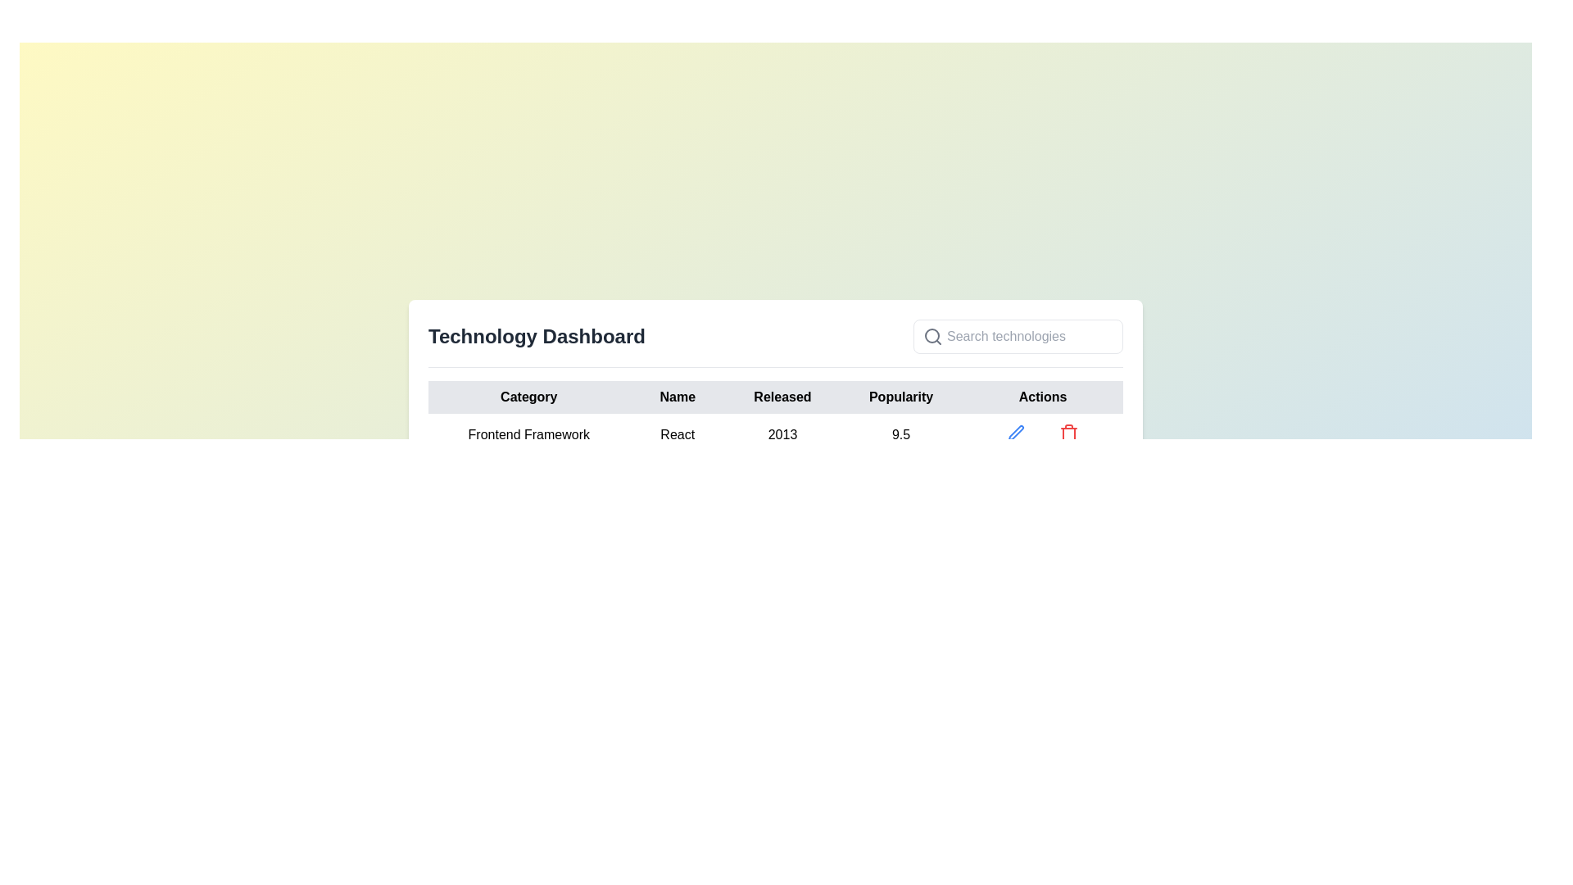 The height and width of the screenshot is (885, 1573). What do you see at coordinates (1069, 432) in the screenshot?
I see `the delete button located at the end of the 'Actions' column in the data table` at bounding box center [1069, 432].